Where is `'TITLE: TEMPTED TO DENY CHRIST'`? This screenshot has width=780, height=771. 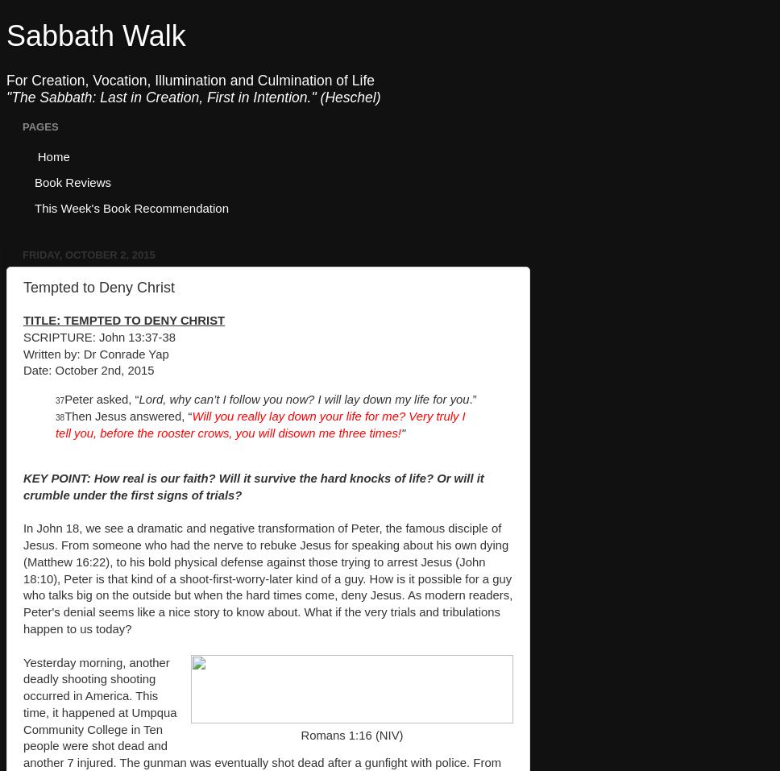 'TITLE: TEMPTED TO DENY CHRIST' is located at coordinates (123, 320).